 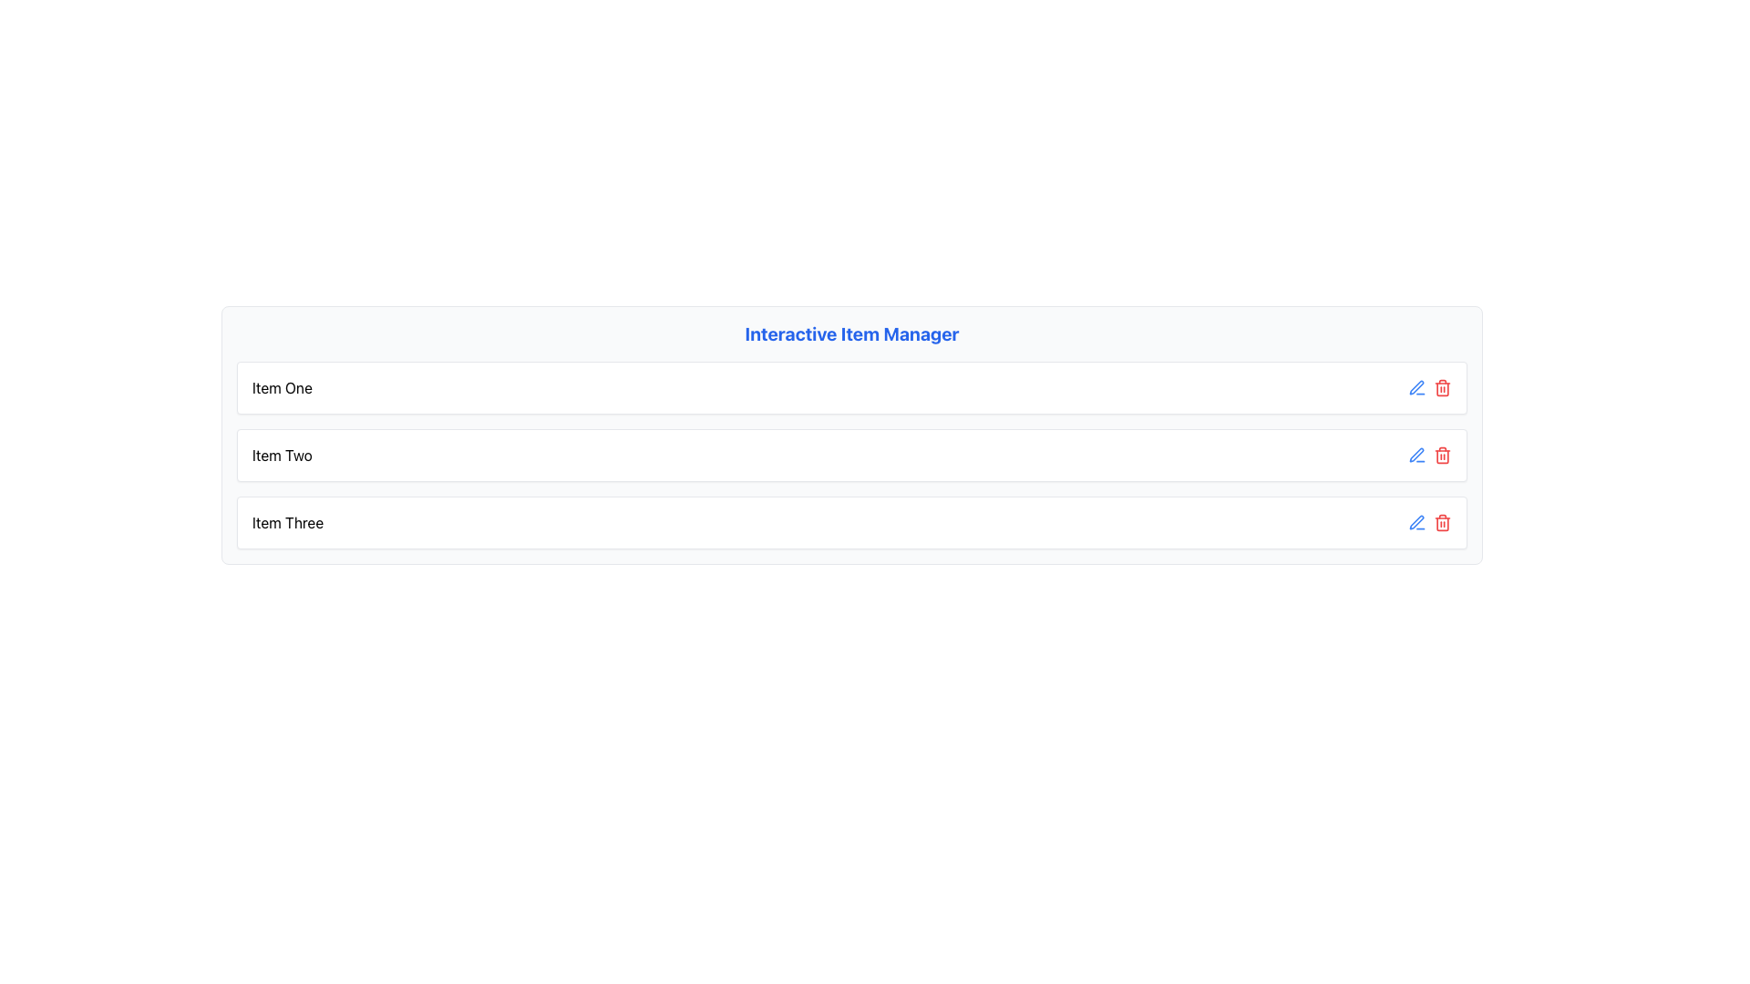 What do you see at coordinates (287, 523) in the screenshot?
I see `the static text label displaying 'Item Three', which is the label for the third item in a vertically aligned list of items` at bounding box center [287, 523].